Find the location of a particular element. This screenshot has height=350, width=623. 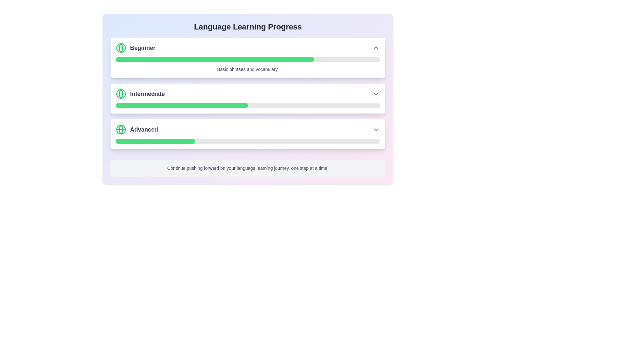

the Progress indicator (filled segment) in the 'Beginner' section of the Language Learning Progress interface, which is visually represented as a filled segment aligned to the left and stretching across 75% of its width is located at coordinates (215, 60).